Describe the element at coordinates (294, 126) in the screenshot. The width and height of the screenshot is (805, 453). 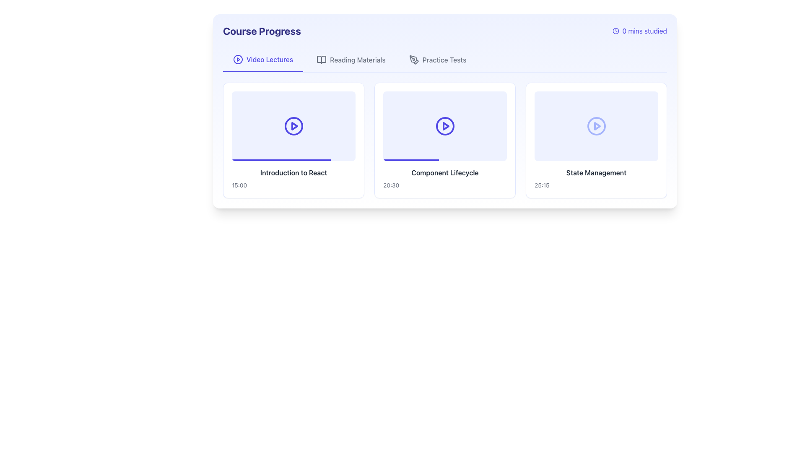
I see `the play triangle icon located within the circular play button in the first card labeled 'Introduction to React' to play the video` at that location.